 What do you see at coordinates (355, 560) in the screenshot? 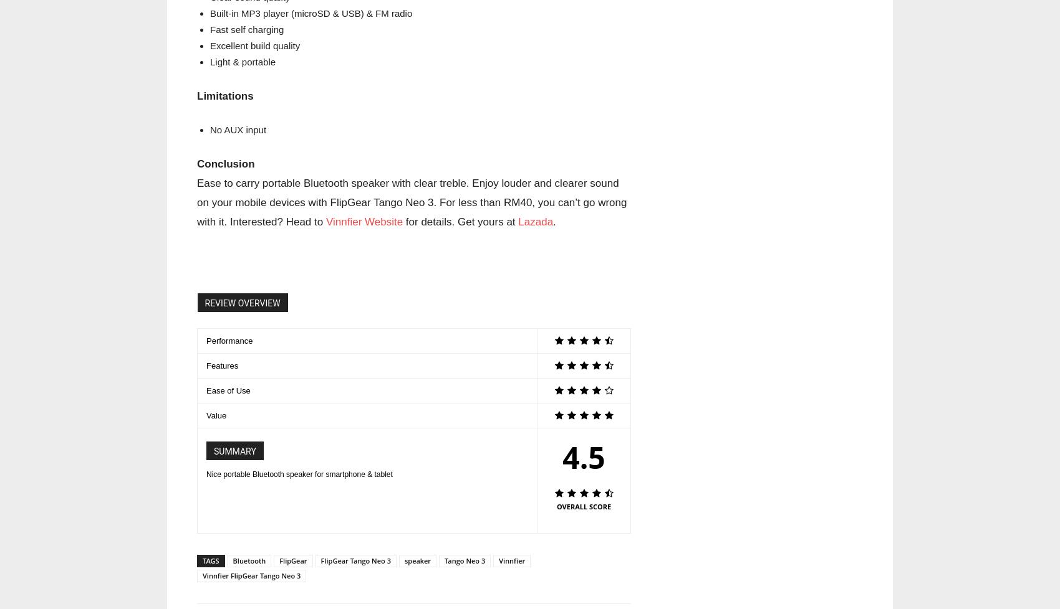
I see `'FlipGear Tango Neo 3'` at bounding box center [355, 560].